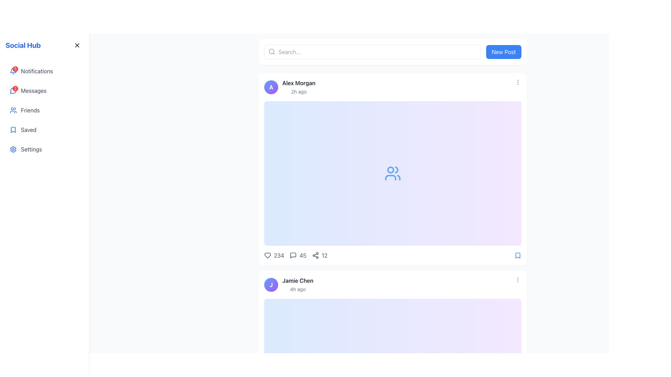  I want to click on the close button located to the right of the 'Social Hub' label in the top part of the sidebar, so click(77, 45).